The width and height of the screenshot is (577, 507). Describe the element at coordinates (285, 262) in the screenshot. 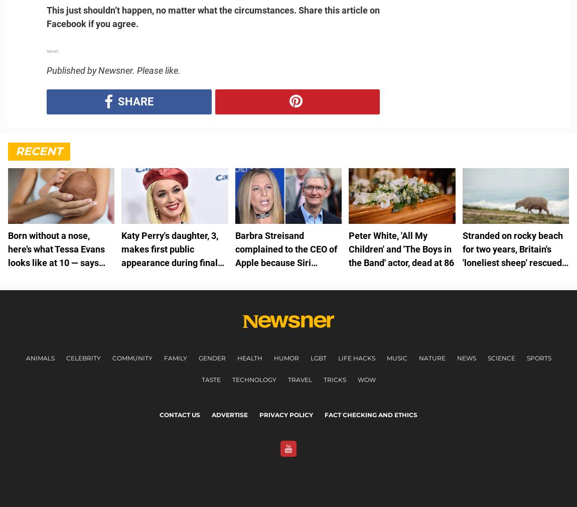

I see `'Barbra Streisand complained to the CEO of Apple because Siri couldn't pronounce her name'` at that location.